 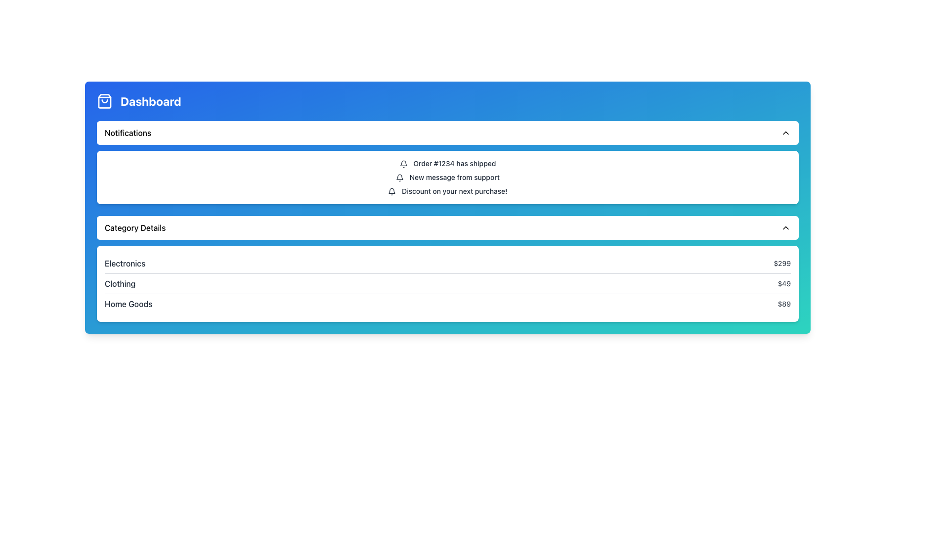 I want to click on the static text element displaying 'Order #1234 has shipped', which is the first notification under the 'Notifications' section, so click(x=447, y=163).